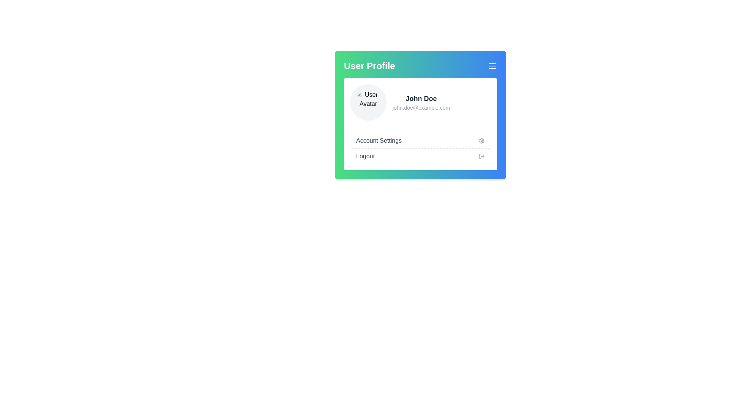 Image resolution: width=729 pixels, height=410 pixels. I want to click on the 'Account Settings' option in the menu list, so click(420, 148).